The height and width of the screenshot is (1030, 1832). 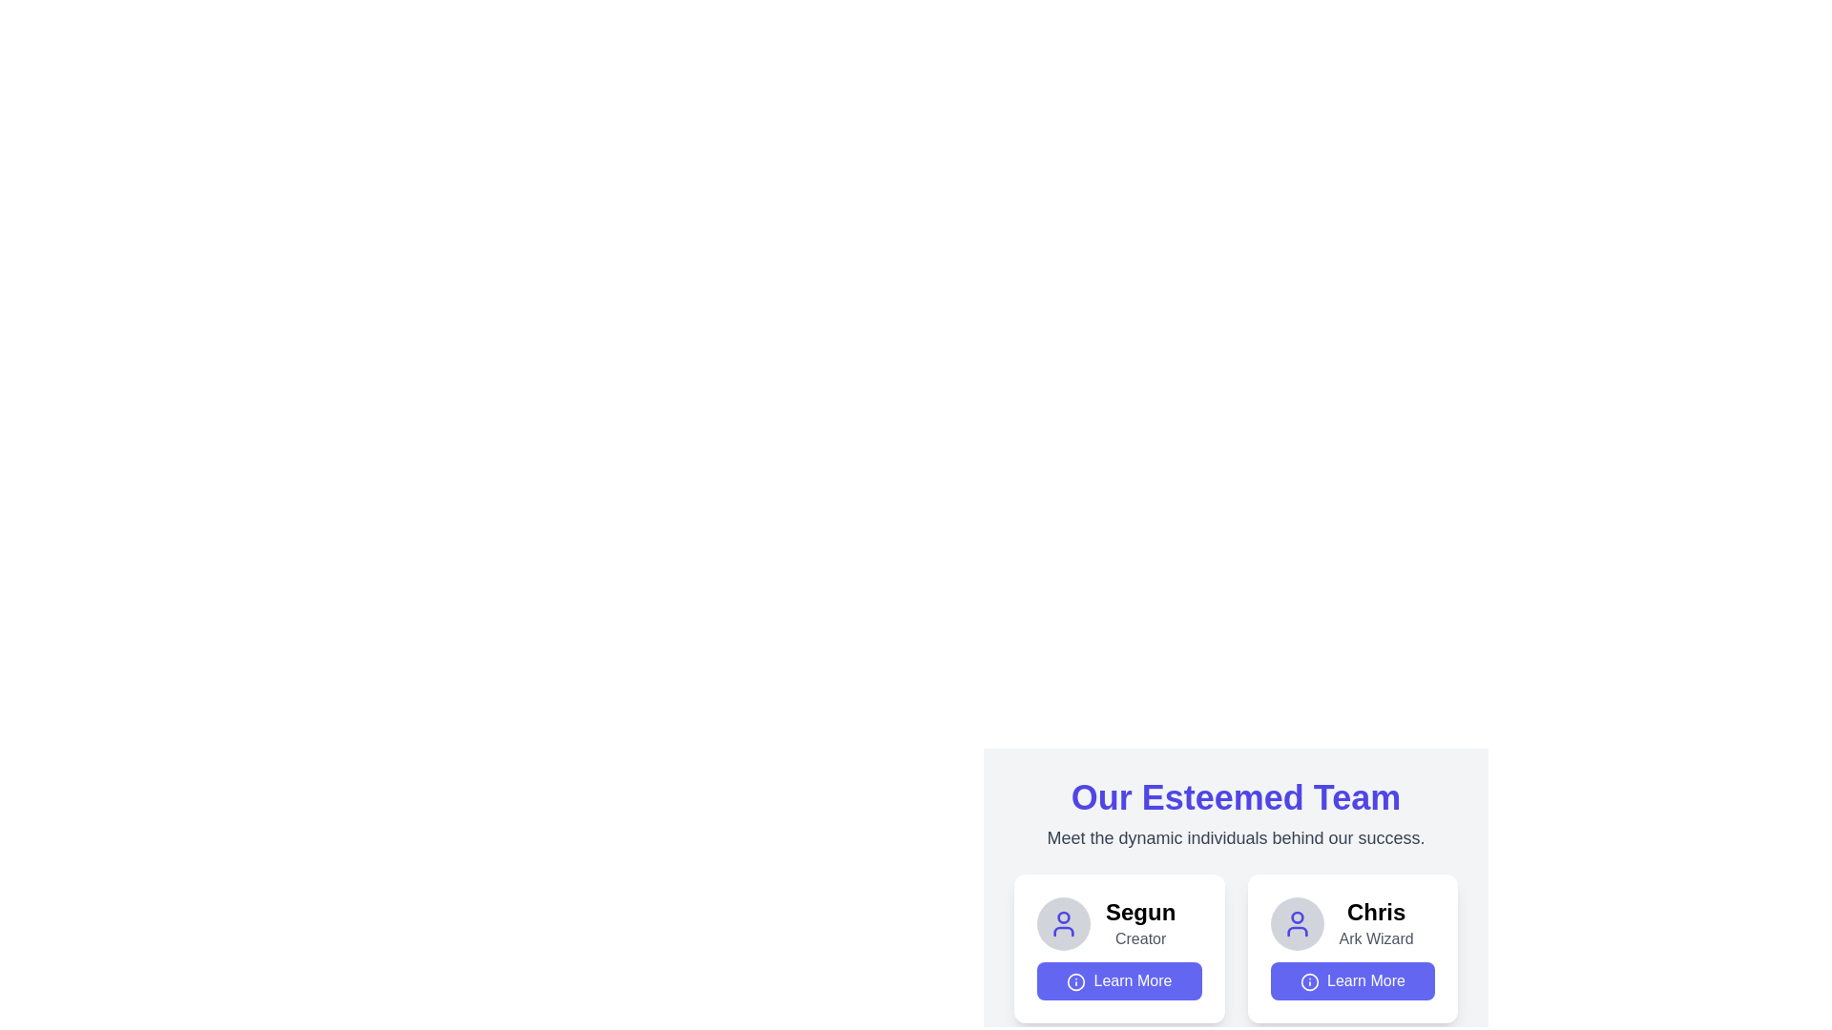 I want to click on the text display area featuring the name 'Segun' and the word 'Creator', located in the center-right of the presentation card within the 'Our Esteemed Team' section, so click(x=1140, y=922).